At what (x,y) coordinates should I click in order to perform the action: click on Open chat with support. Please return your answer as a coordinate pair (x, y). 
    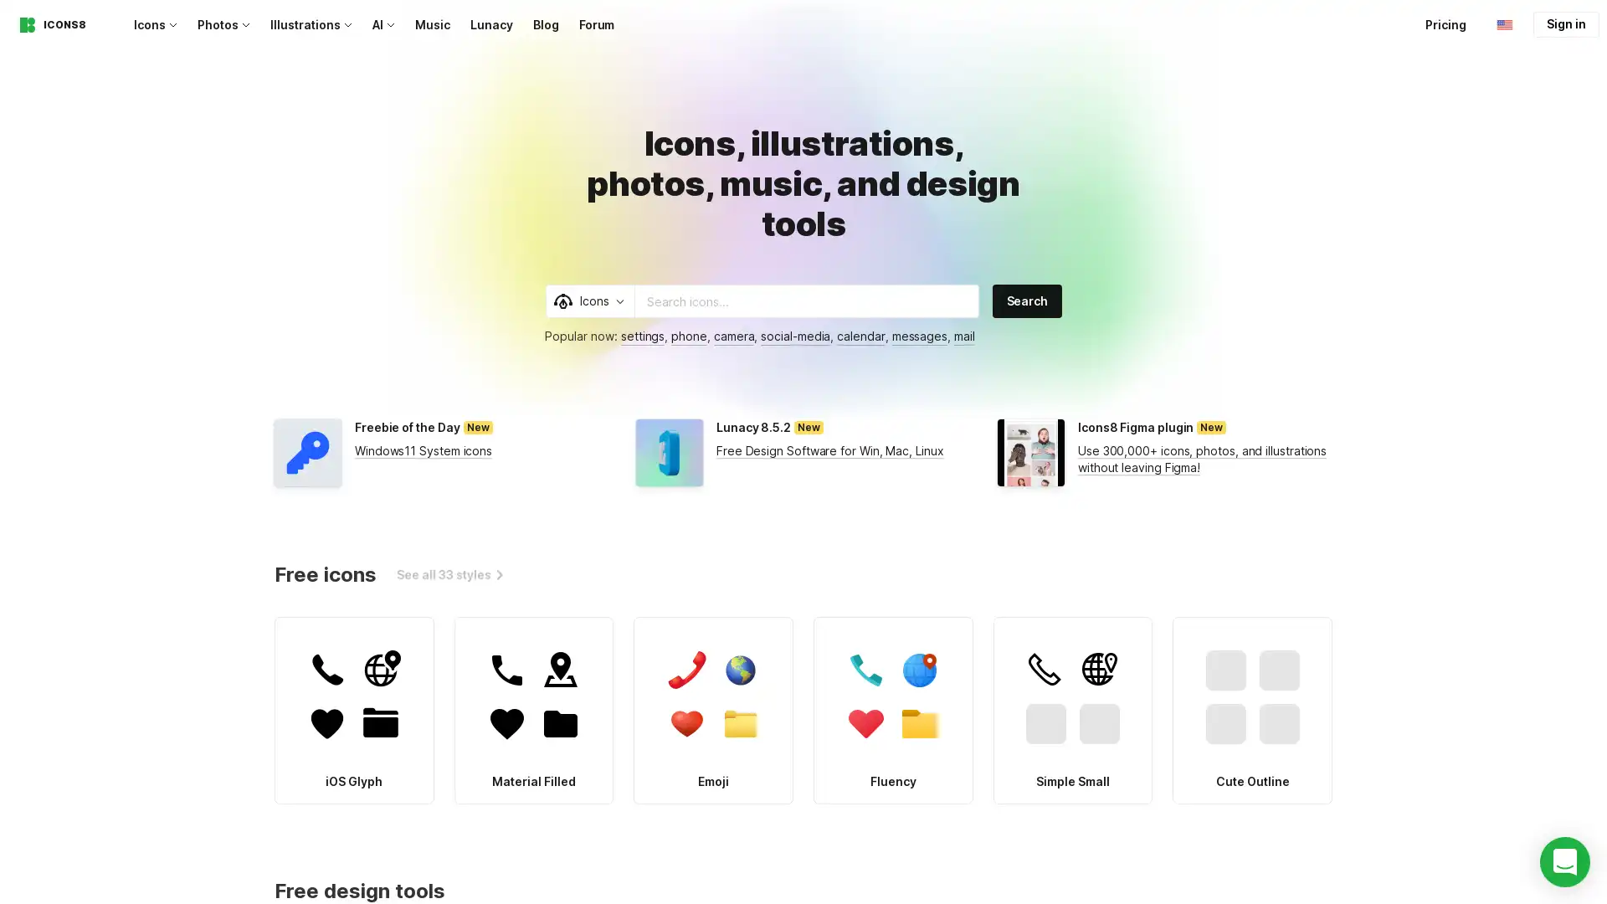
    Looking at the image, I should click on (1564, 861).